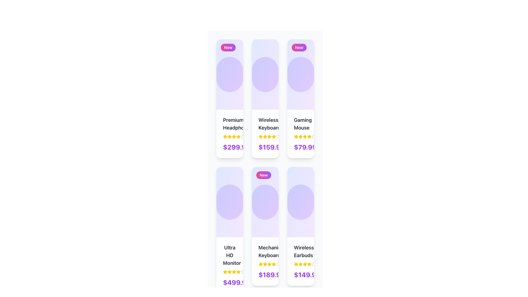  What do you see at coordinates (230, 147) in the screenshot?
I see `the price label displaying '$299.99' in bold purple font, located in the 'Premium Headphones' card, positioned below the ratings section` at bounding box center [230, 147].